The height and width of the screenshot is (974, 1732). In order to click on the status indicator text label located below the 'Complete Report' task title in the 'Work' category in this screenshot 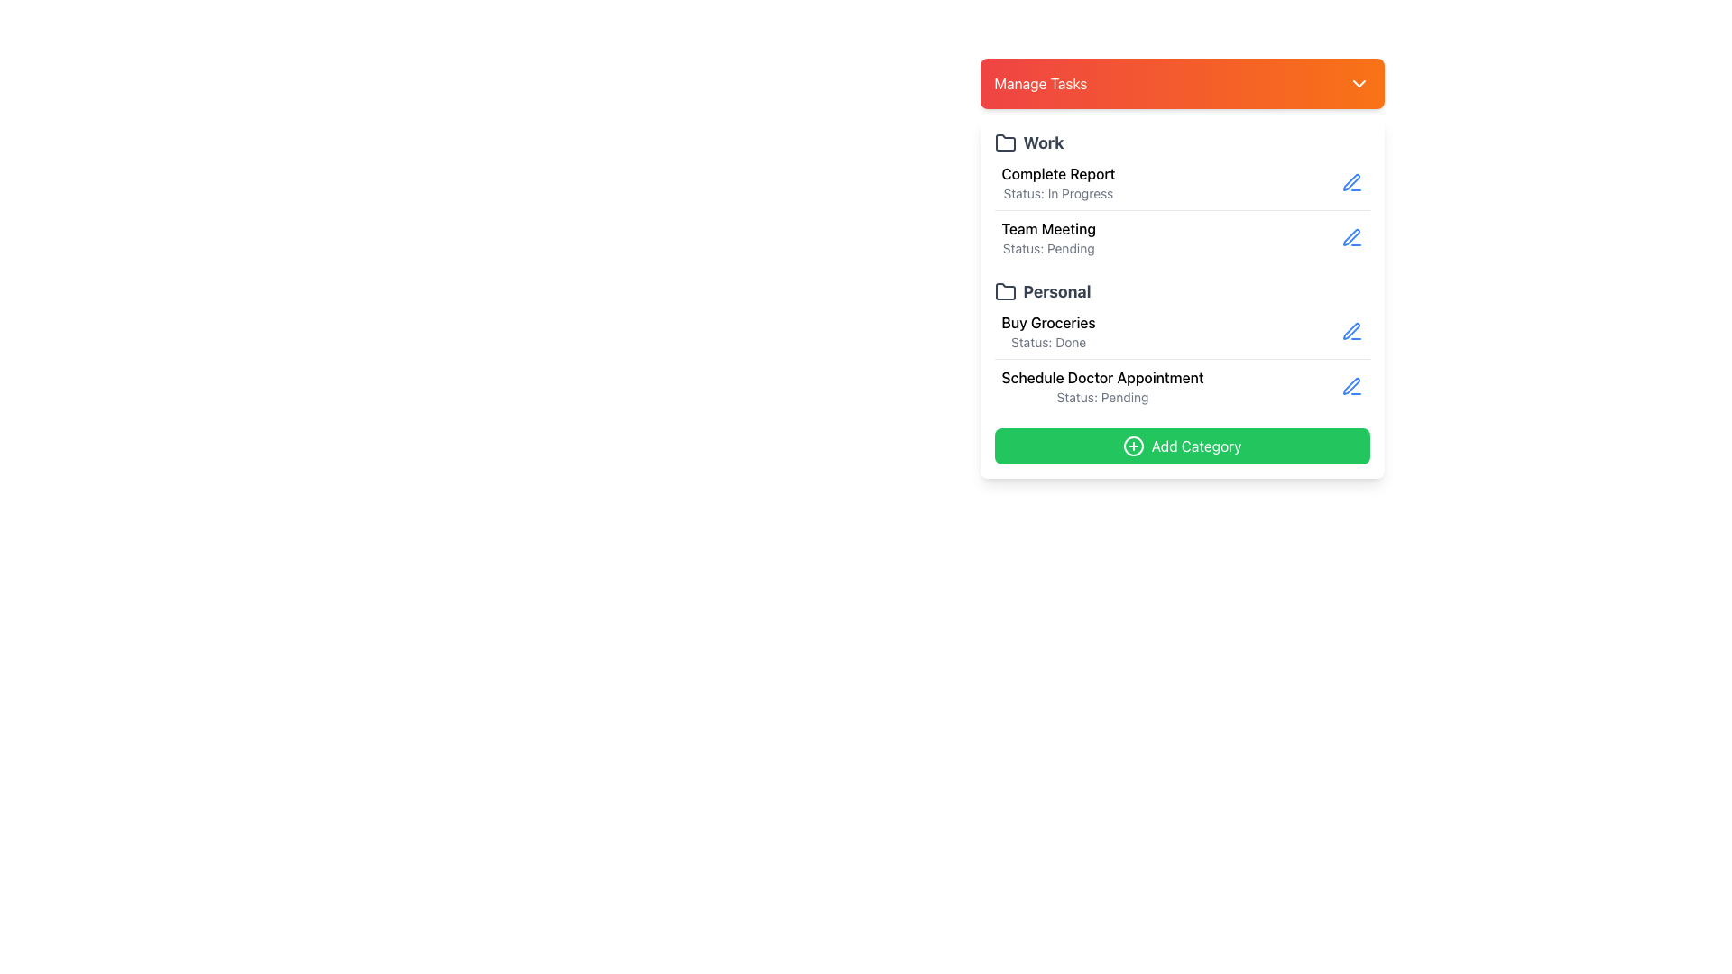, I will do `click(1058, 194)`.